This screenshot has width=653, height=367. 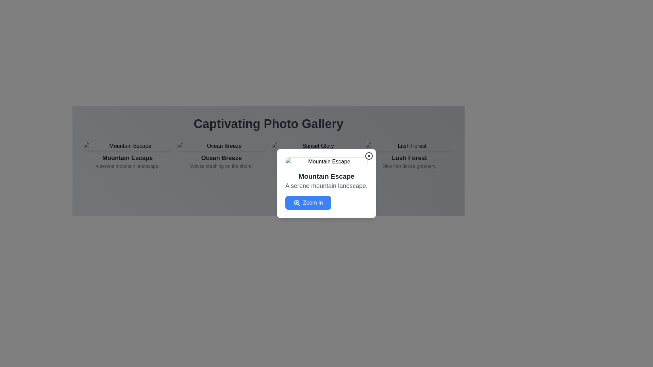 I want to click on the descriptive block containing the title 'Mountain Escape' and subtitle 'A serene mountain landscape' located in the photo gallery layout, so click(x=128, y=161).